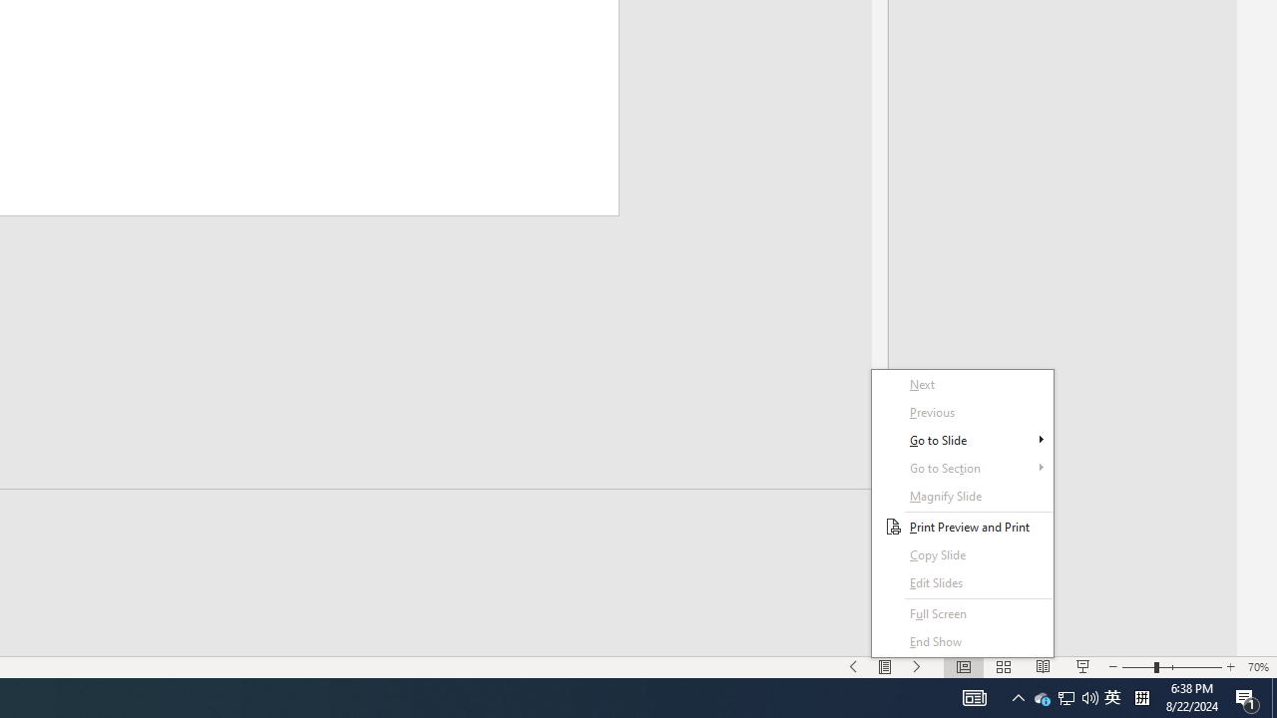 The height and width of the screenshot is (718, 1277). What do you see at coordinates (963, 439) in the screenshot?
I see `'Go to Slide'` at bounding box center [963, 439].